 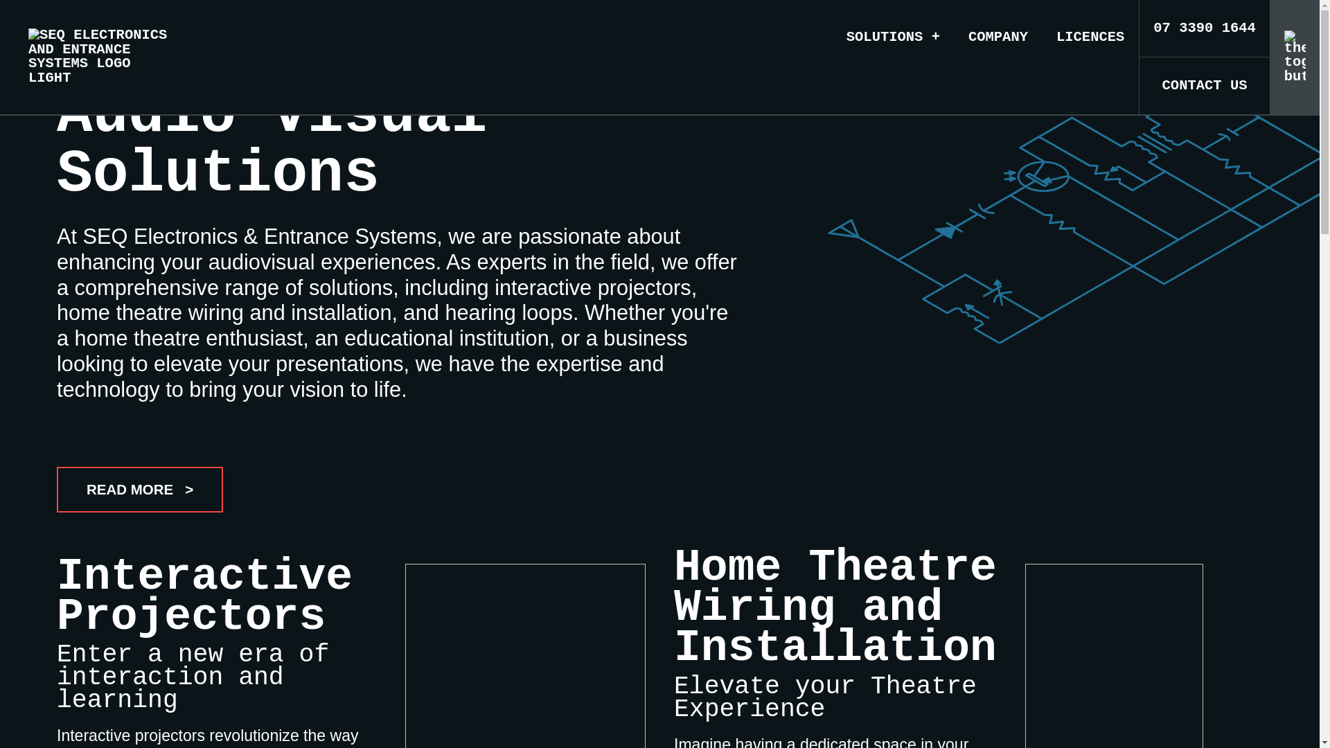 I want to click on 'Home Theatre Wiring and Installation', so click(x=674, y=607).